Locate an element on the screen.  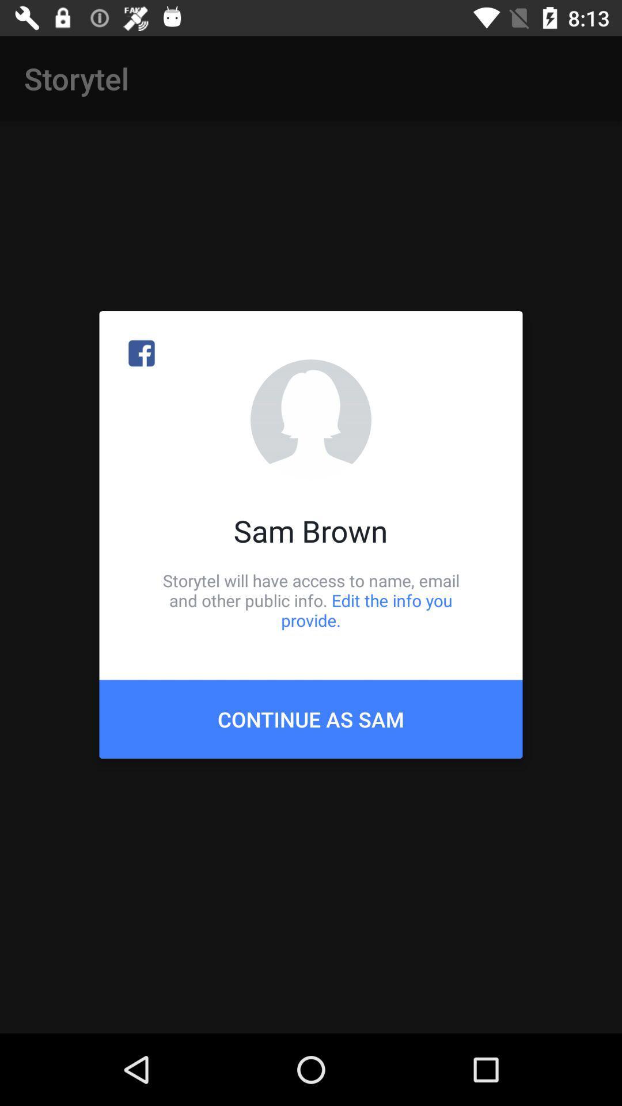
storytel will have is located at coordinates (311, 600).